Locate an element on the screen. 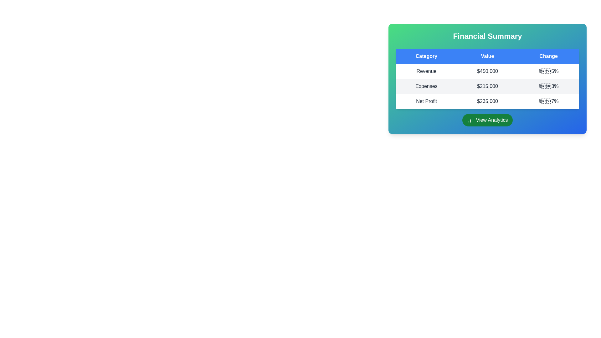 This screenshot has width=601, height=338. 'View Analytics' button is located at coordinates (487, 120).